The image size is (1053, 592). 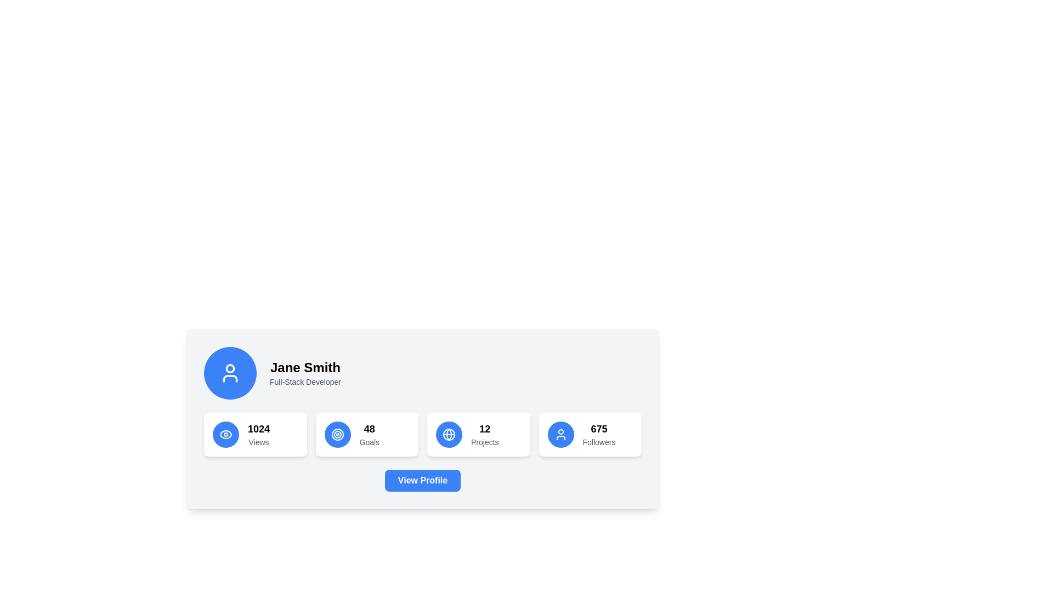 What do you see at coordinates (484, 441) in the screenshot?
I see `the 'Projects' text label, which is styled with a small font size and gray color, located beneath the numerical value '12' in the main content area` at bounding box center [484, 441].